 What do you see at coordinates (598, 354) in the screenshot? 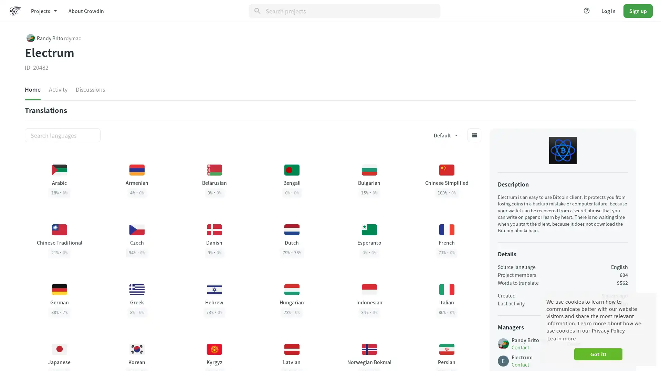
I see `dismiss cookie message` at bounding box center [598, 354].